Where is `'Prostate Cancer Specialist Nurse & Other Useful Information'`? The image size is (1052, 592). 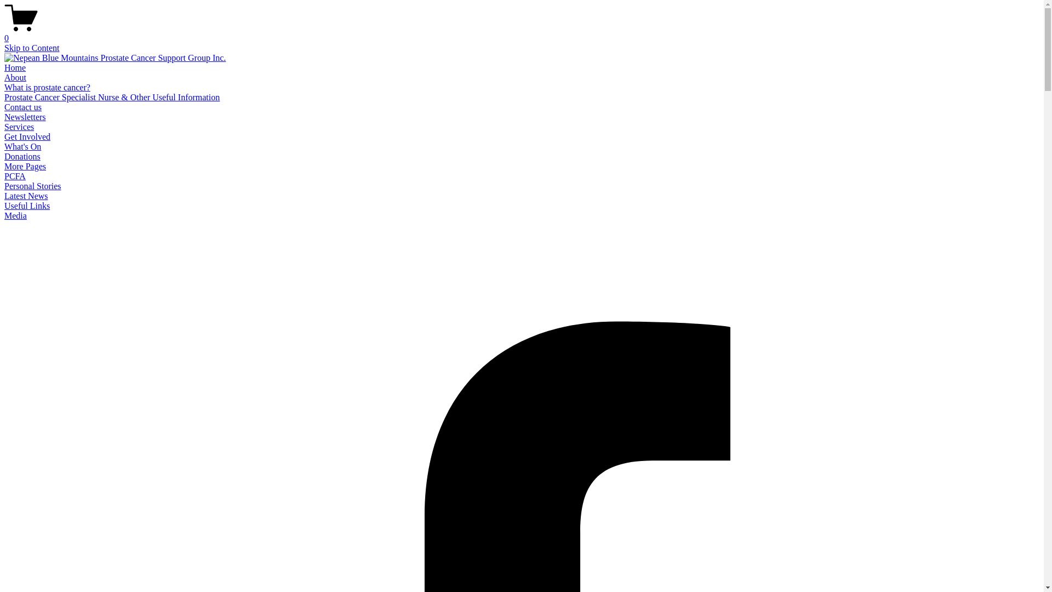
'Prostate Cancer Specialist Nurse & Other Useful Information' is located at coordinates (112, 96).